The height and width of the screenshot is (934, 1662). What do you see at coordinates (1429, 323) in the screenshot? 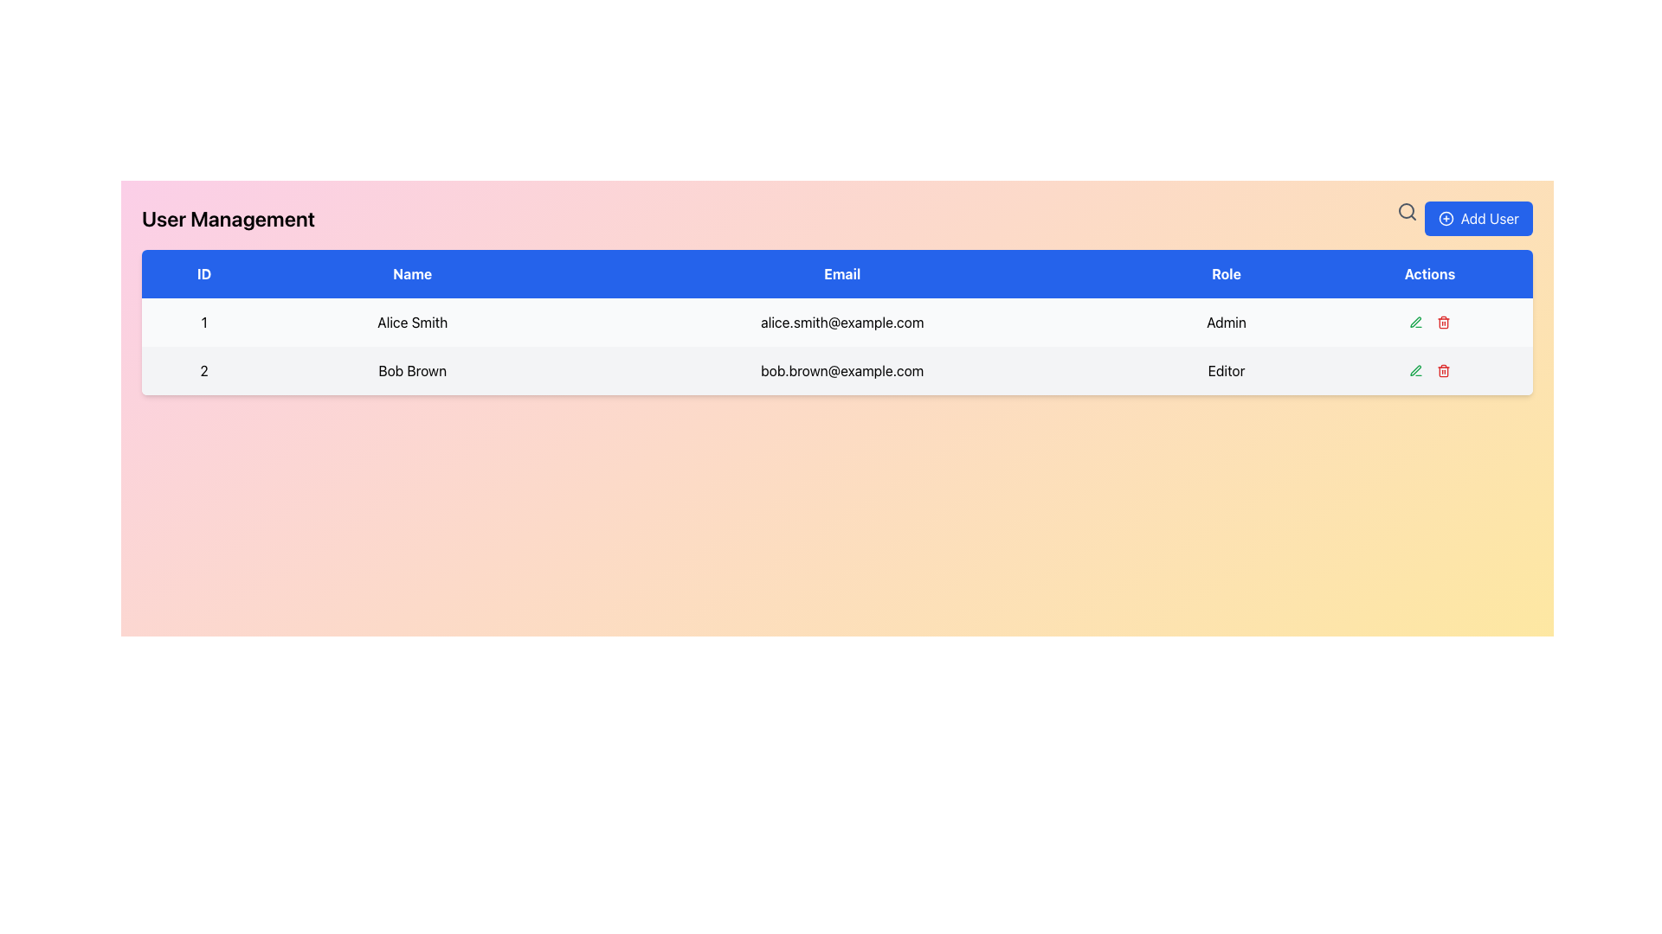
I see `the interactive icons group in the 'Actions' column for 'Alice Smith'` at bounding box center [1429, 323].